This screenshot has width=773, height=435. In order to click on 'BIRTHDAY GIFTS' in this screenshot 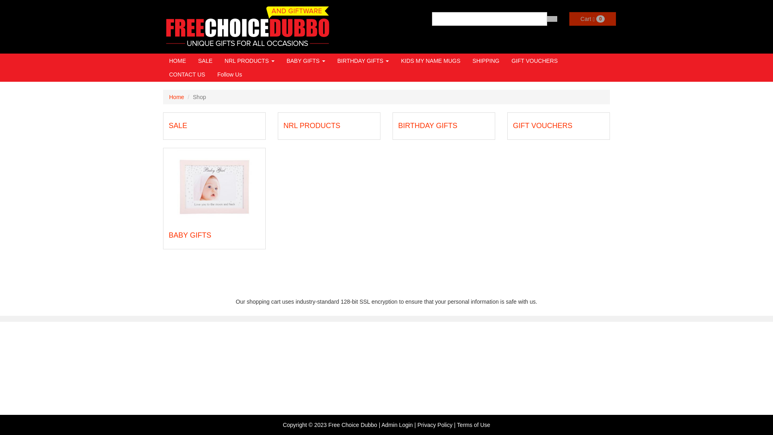, I will do `click(427, 126)`.